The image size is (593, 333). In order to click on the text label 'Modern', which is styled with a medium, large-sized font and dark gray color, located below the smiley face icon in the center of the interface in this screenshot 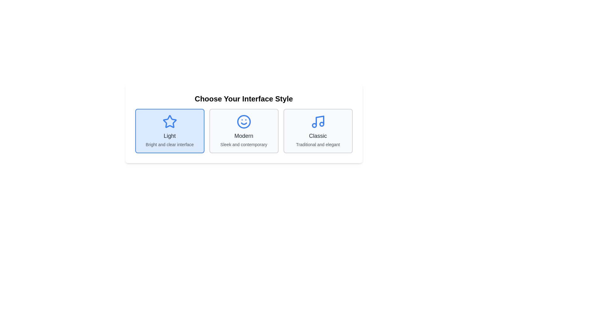, I will do `click(243, 135)`.